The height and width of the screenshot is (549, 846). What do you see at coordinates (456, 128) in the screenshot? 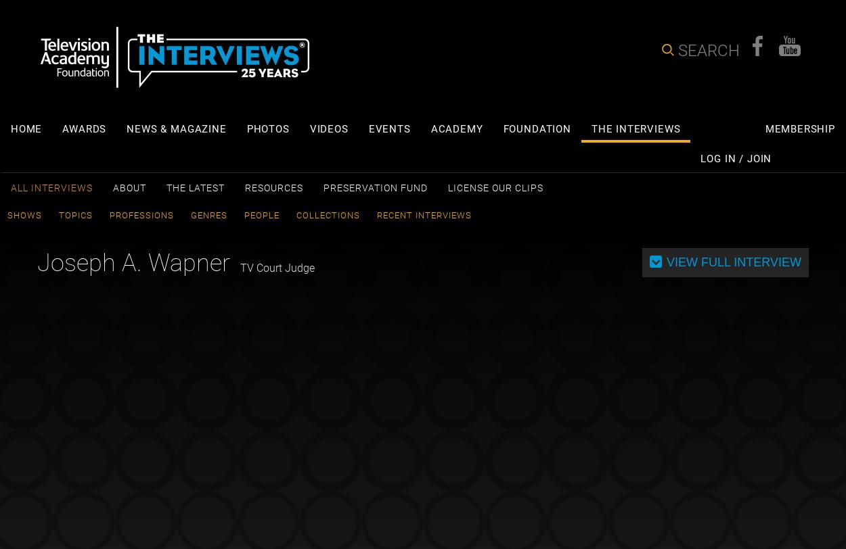
I see `'Academy'` at bounding box center [456, 128].